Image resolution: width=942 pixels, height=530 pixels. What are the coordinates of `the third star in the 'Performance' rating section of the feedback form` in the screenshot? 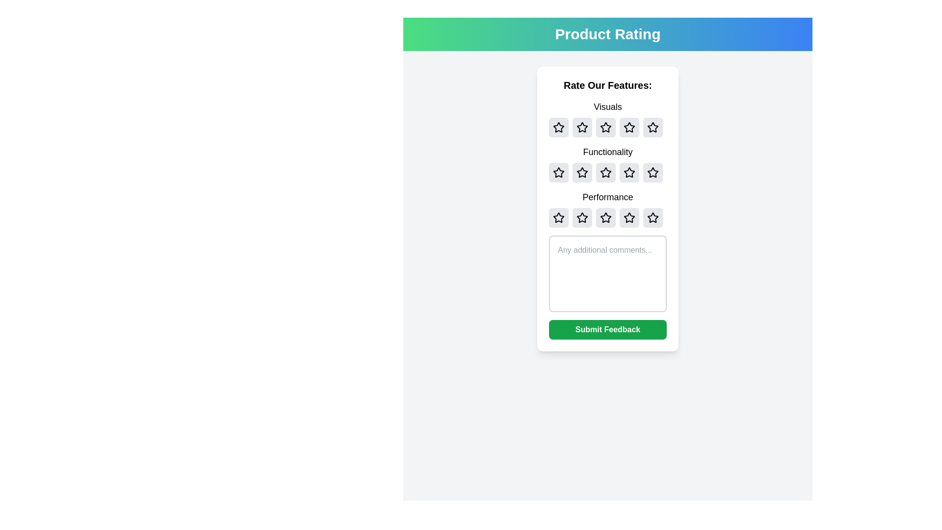 It's located at (605, 217).